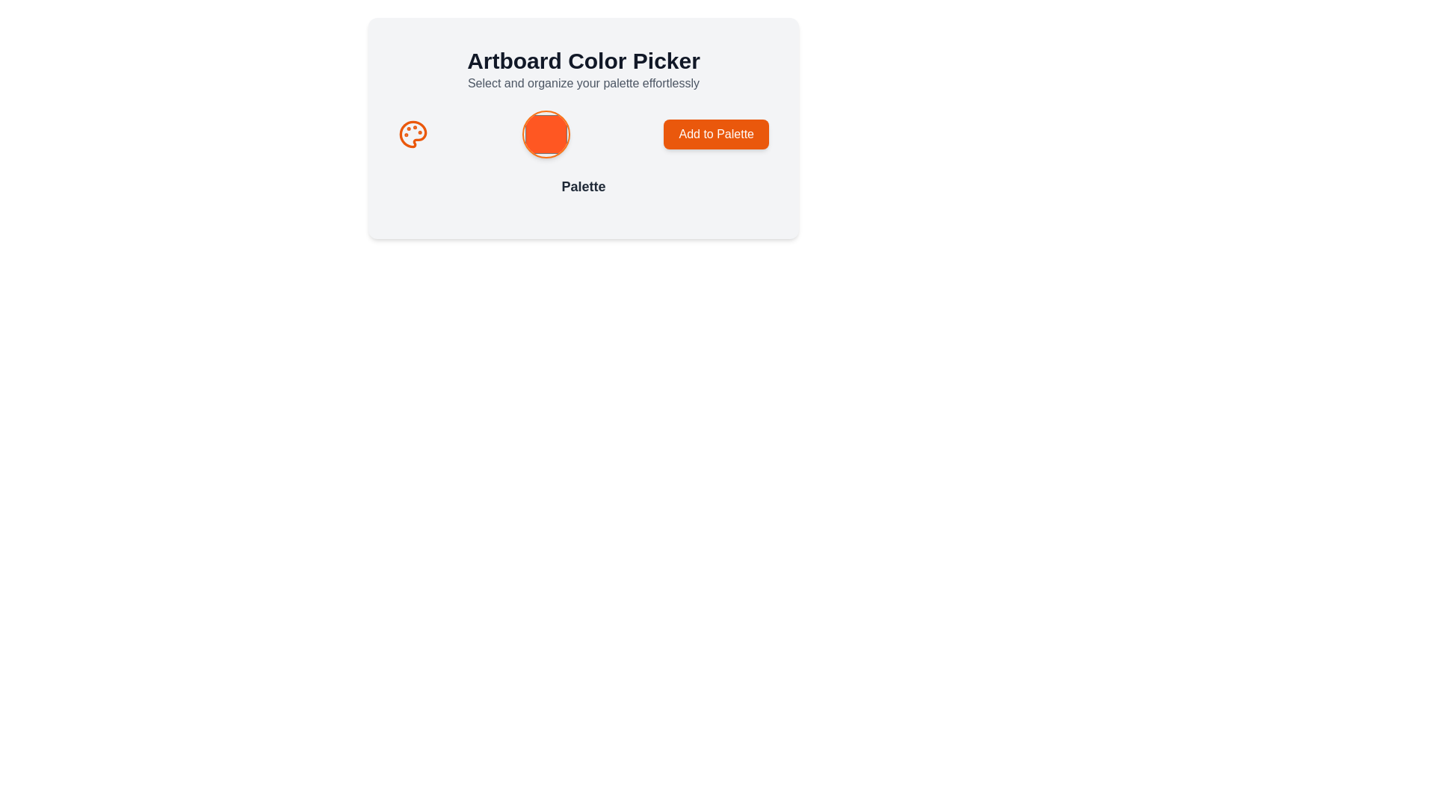 The width and height of the screenshot is (1435, 807). Describe the element at coordinates (413, 134) in the screenshot. I see `the circular palette icon, which is part of the Artboard Color Picker section, located to the left of the 'Palette' text label` at that location.